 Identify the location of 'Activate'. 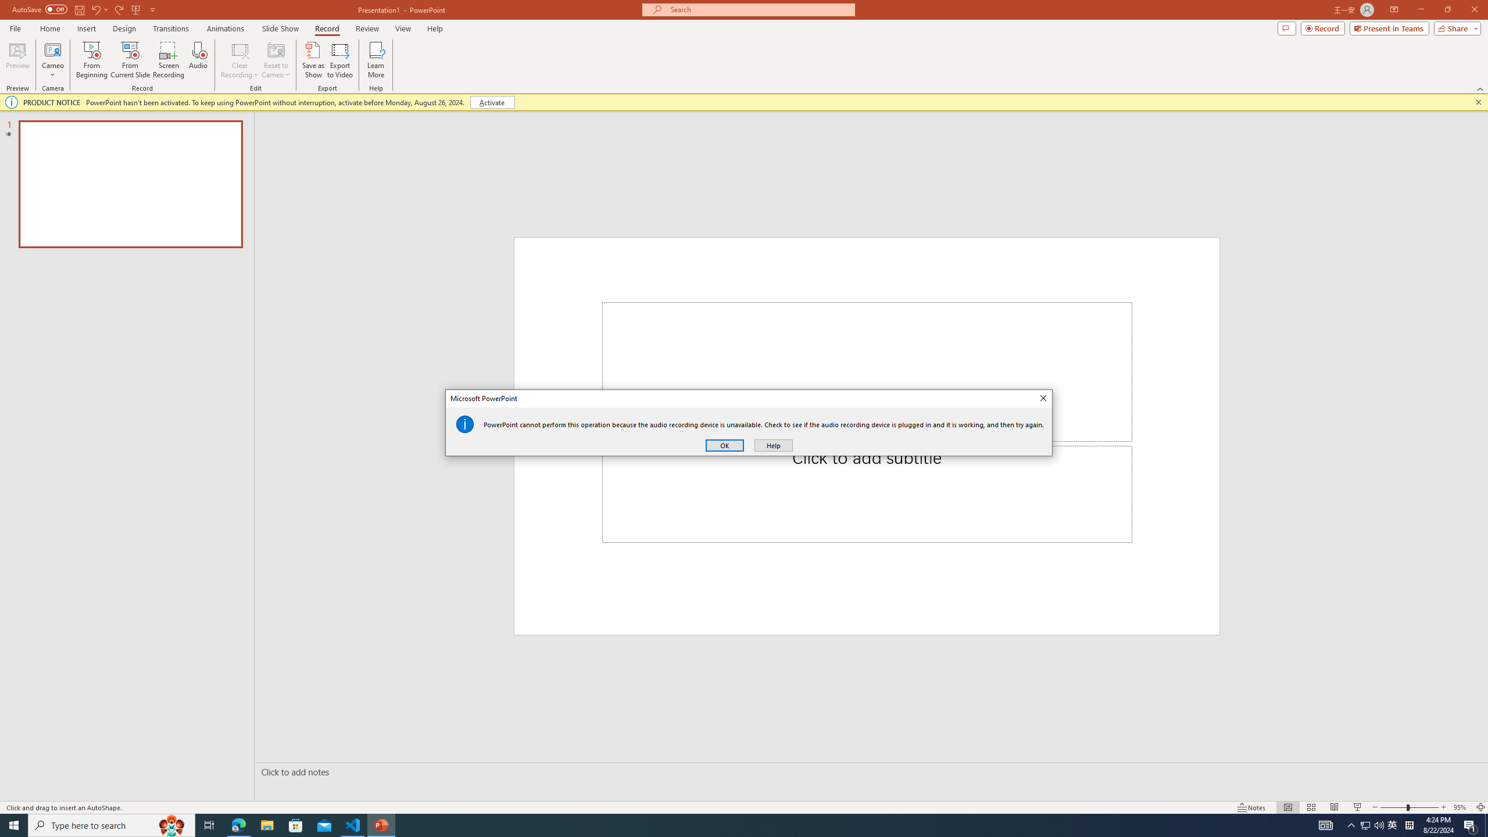
(492, 102).